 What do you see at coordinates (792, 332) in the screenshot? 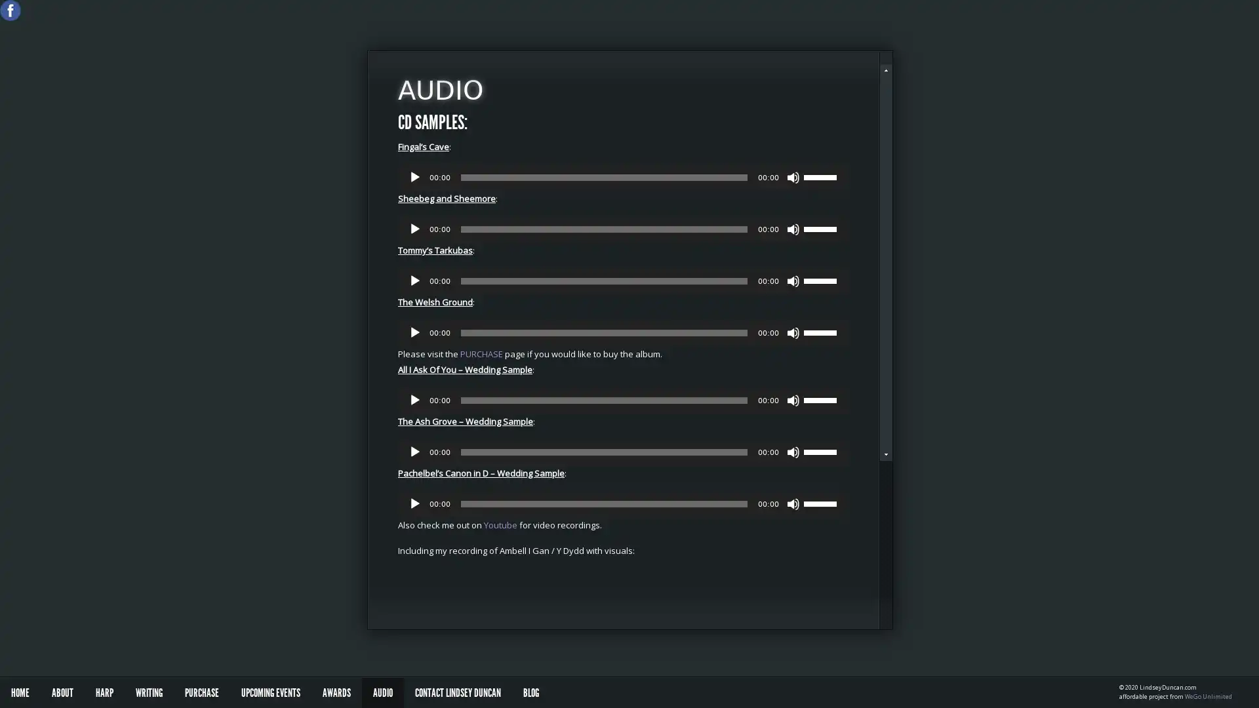
I see `Mute` at bounding box center [792, 332].